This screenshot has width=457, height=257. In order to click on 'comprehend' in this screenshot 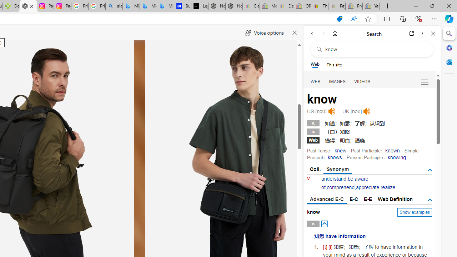, I will do `click(340, 187)`.